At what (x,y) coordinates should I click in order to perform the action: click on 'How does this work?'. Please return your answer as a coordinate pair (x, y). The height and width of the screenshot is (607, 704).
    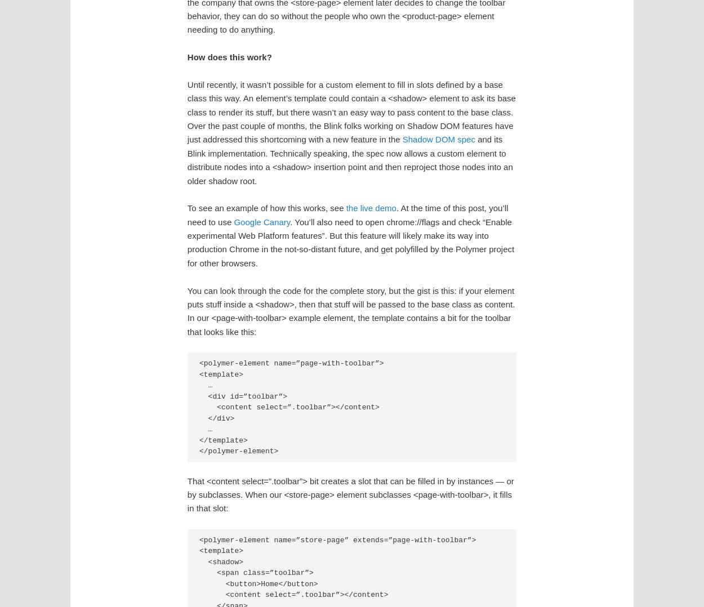
    Looking at the image, I should click on (229, 56).